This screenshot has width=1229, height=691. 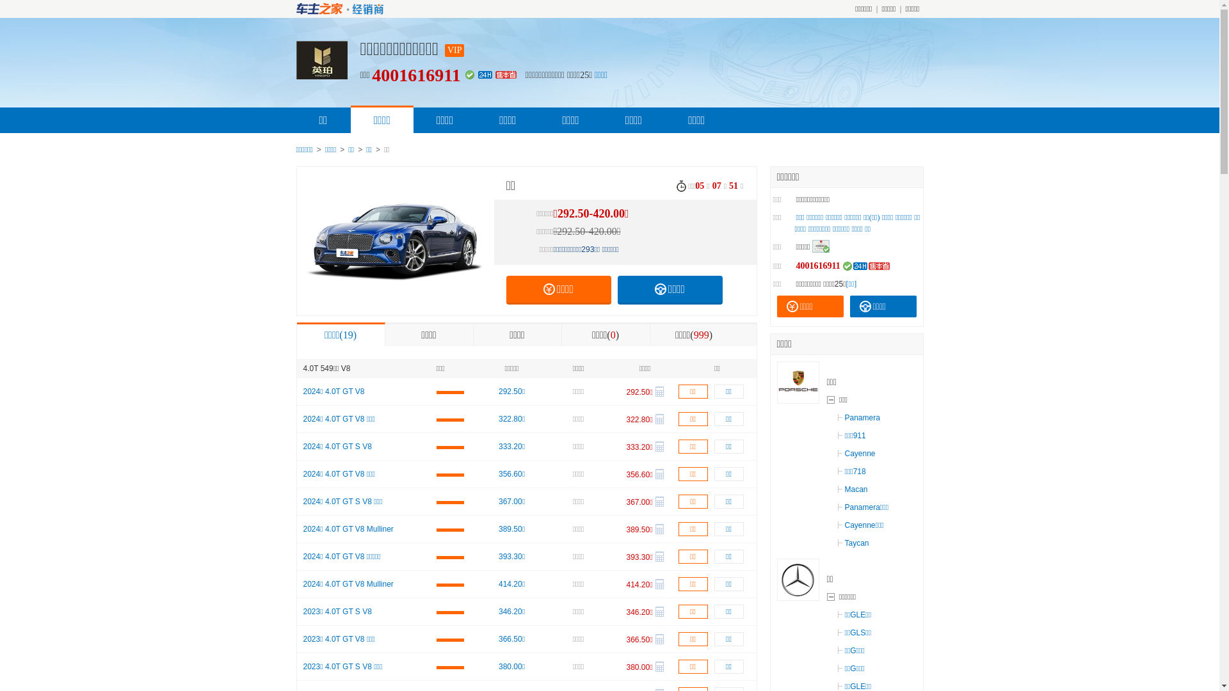 What do you see at coordinates (858, 417) in the screenshot?
I see `'Panamera'` at bounding box center [858, 417].